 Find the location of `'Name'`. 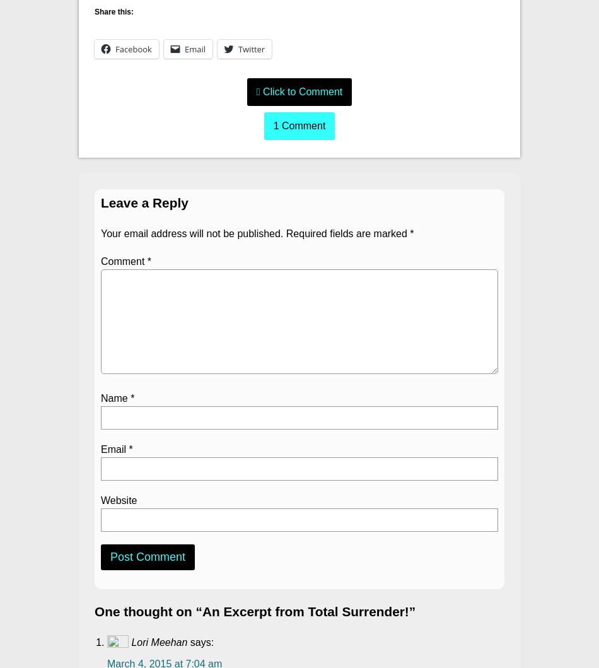

'Name' is located at coordinates (115, 397).